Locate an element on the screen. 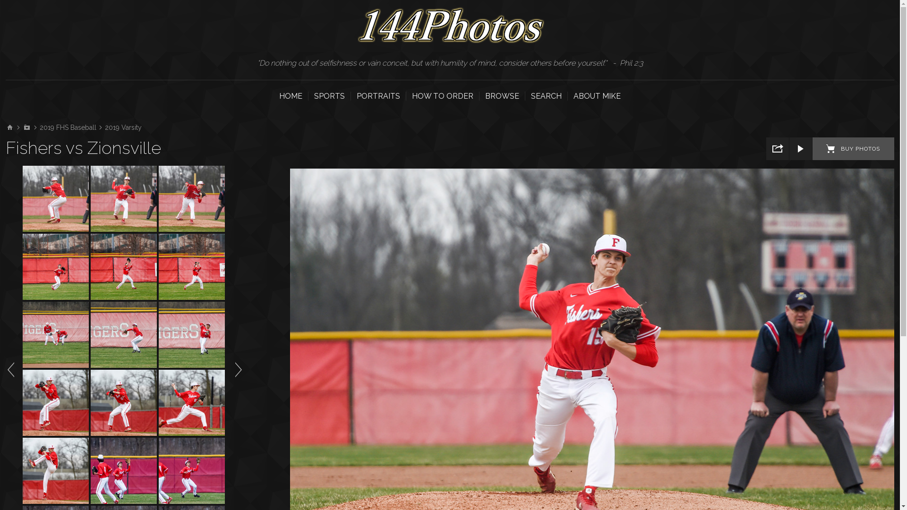  'BUY PHOTOS' is located at coordinates (853, 149).